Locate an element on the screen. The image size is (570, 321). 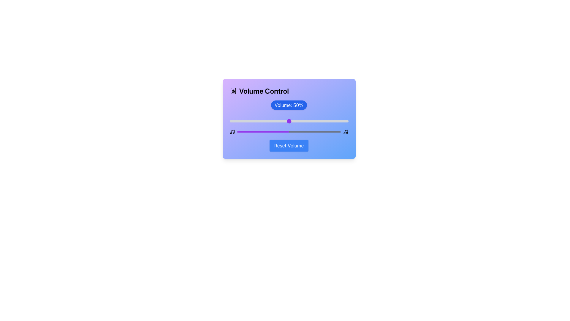
the volume slider is located at coordinates (279, 121).